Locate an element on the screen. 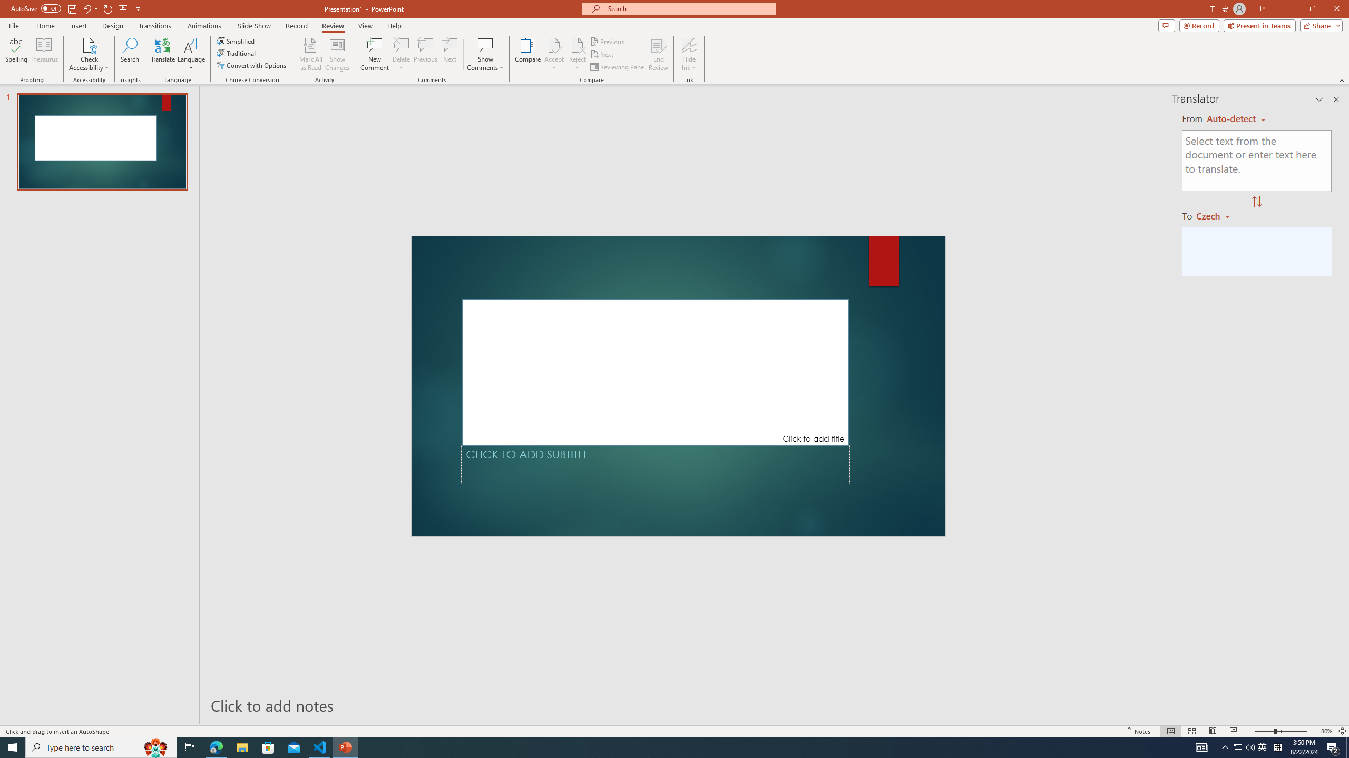 The width and height of the screenshot is (1349, 758). 'Next' is located at coordinates (602, 54).